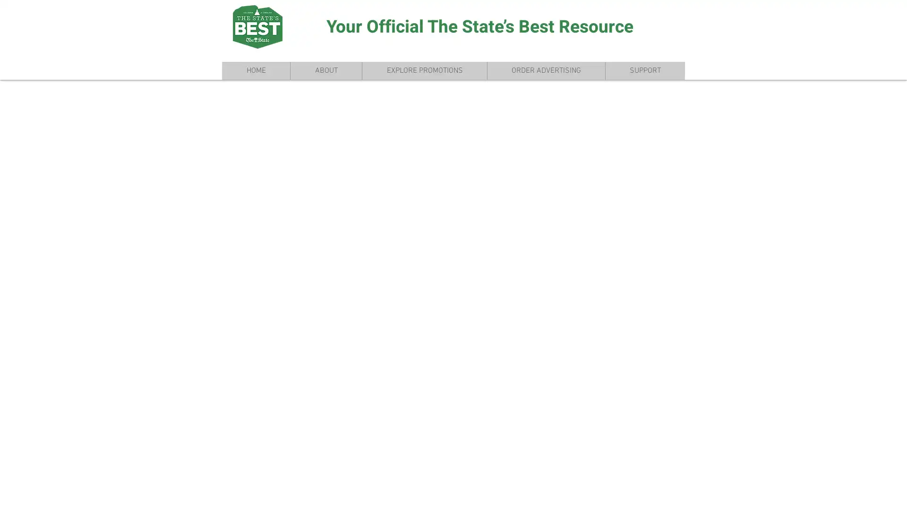 This screenshot has width=907, height=510. What do you see at coordinates (813, 494) in the screenshot?
I see `Decline All` at bounding box center [813, 494].